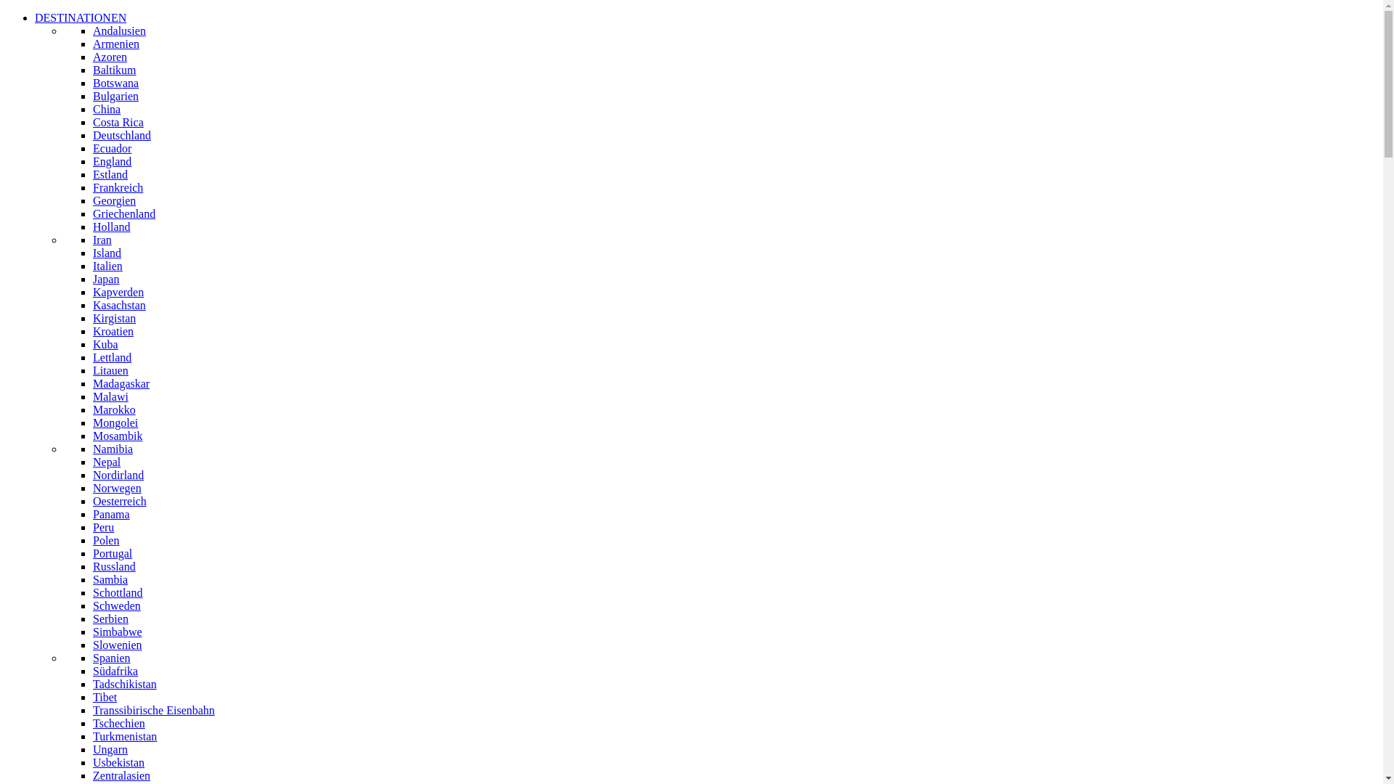 The image size is (1394, 784). I want to click on 'Simbabwe', so click(92, 631).